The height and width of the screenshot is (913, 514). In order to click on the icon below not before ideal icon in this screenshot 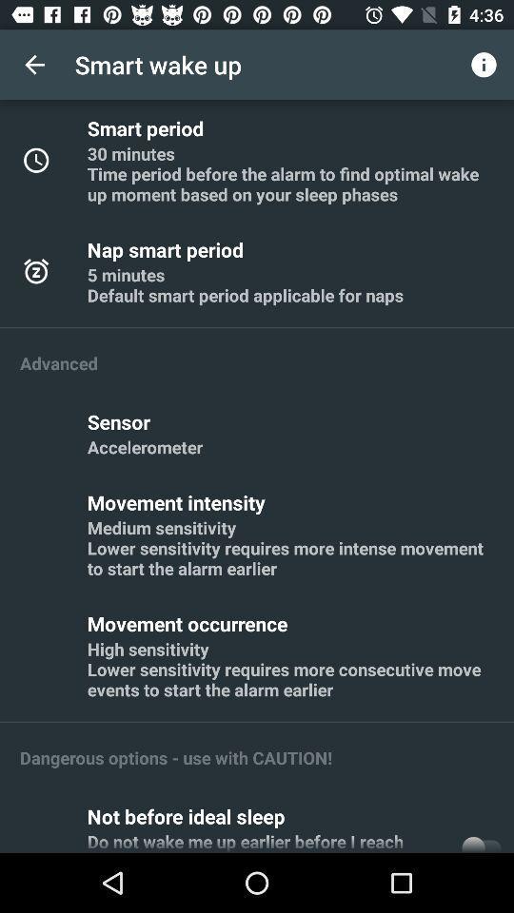, I will do `click(268, 840)`.